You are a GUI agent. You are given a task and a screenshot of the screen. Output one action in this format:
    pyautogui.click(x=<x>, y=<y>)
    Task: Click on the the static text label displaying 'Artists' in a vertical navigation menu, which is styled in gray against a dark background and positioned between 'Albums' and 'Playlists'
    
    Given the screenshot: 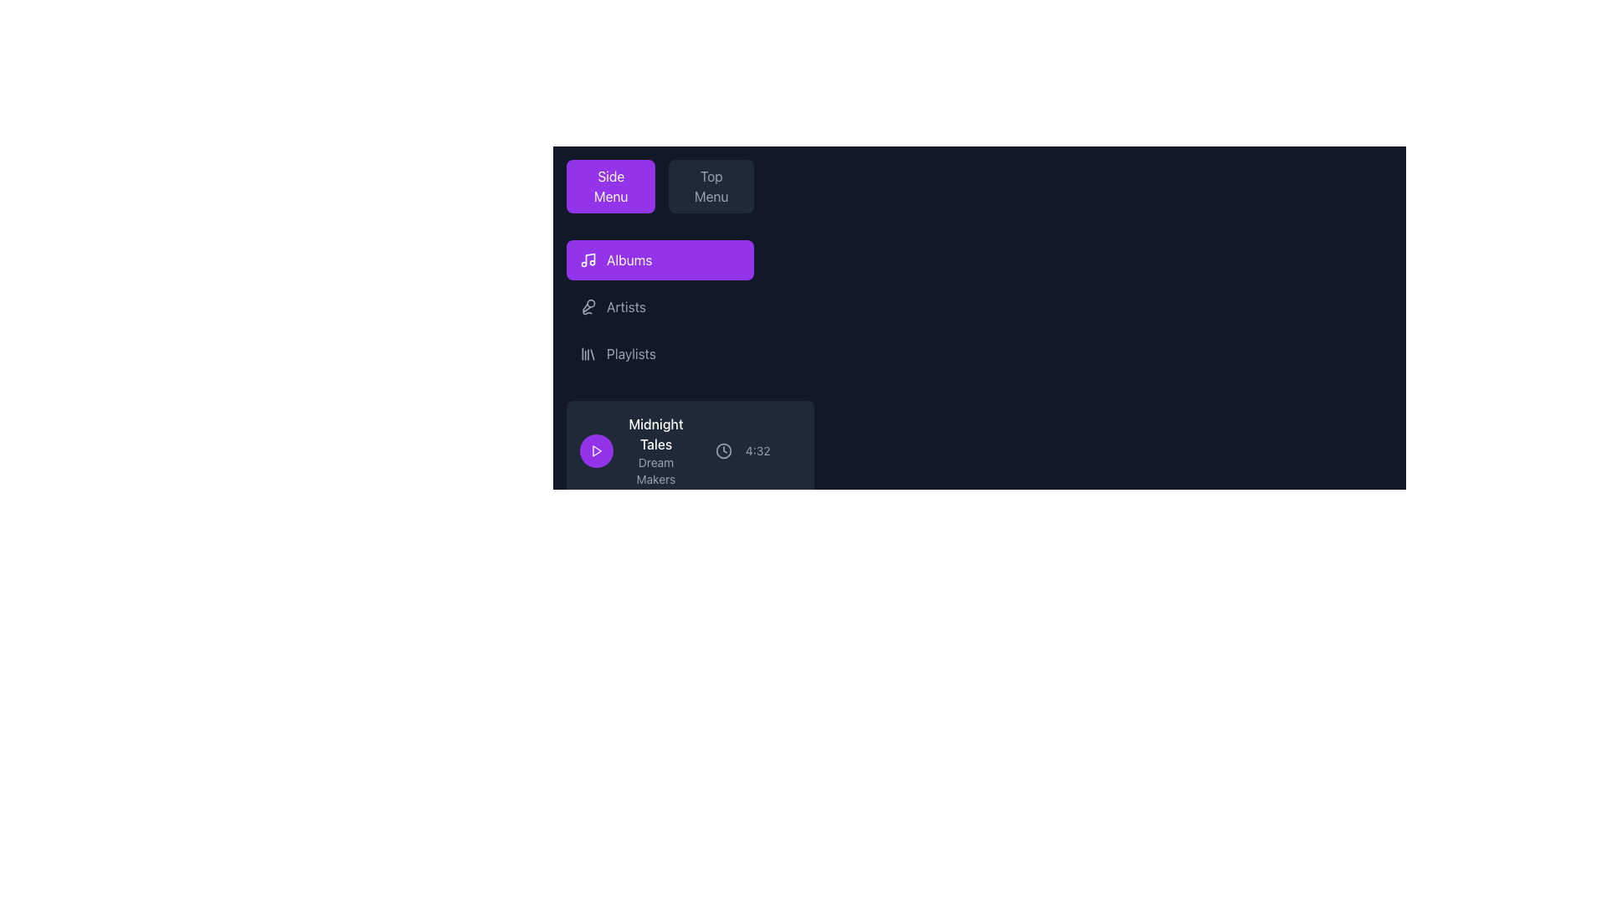 What is the action you would take?
    pyautogui.click(x=625, y=306)
    